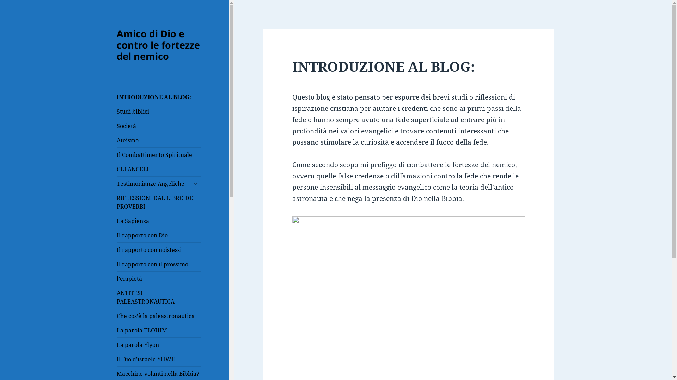  What do you see at coordinates (117, 202) in the screenshot?
I see `'RIFLESSIONI DAL LIBRO DEI PROVERBI'` at bounding box center [117, 202].